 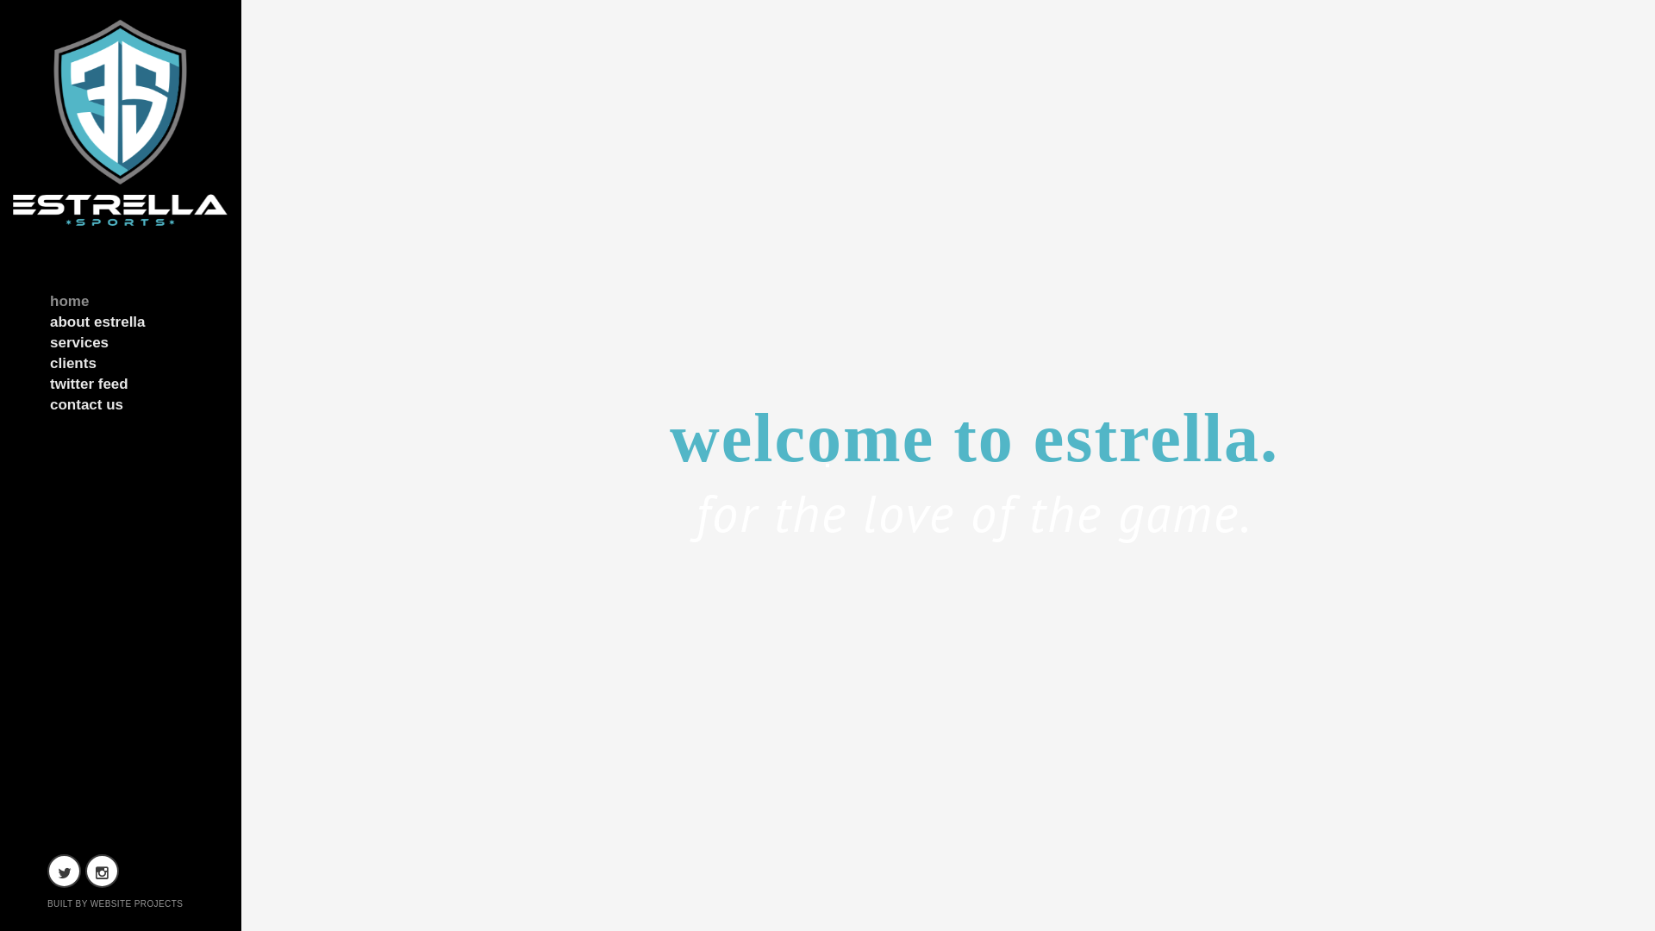 I want to click on 'WEBSITE PROJECTS', so click(x=135, y=903).